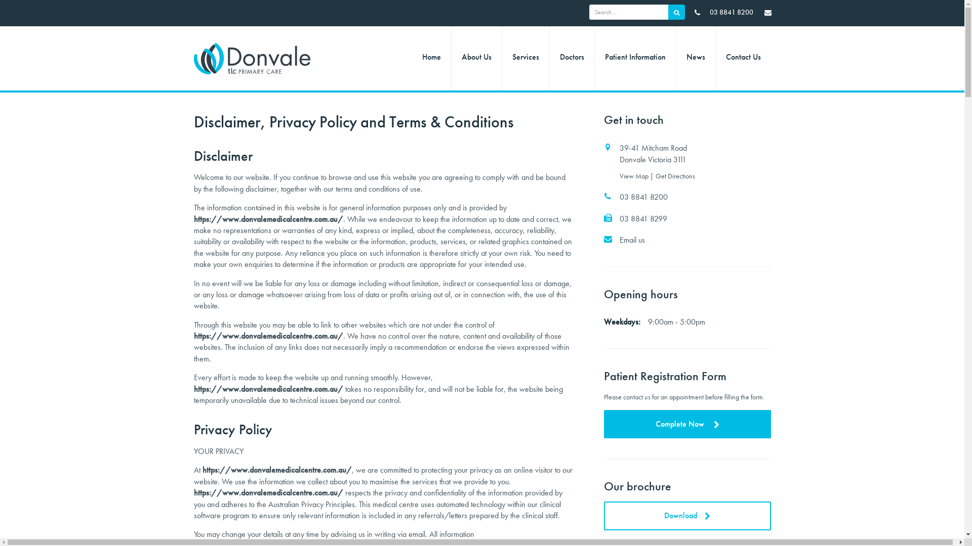 Image resolution: width=972 pixels, height=546 pixels. I want to click on 'View Map', so click(634, 175).